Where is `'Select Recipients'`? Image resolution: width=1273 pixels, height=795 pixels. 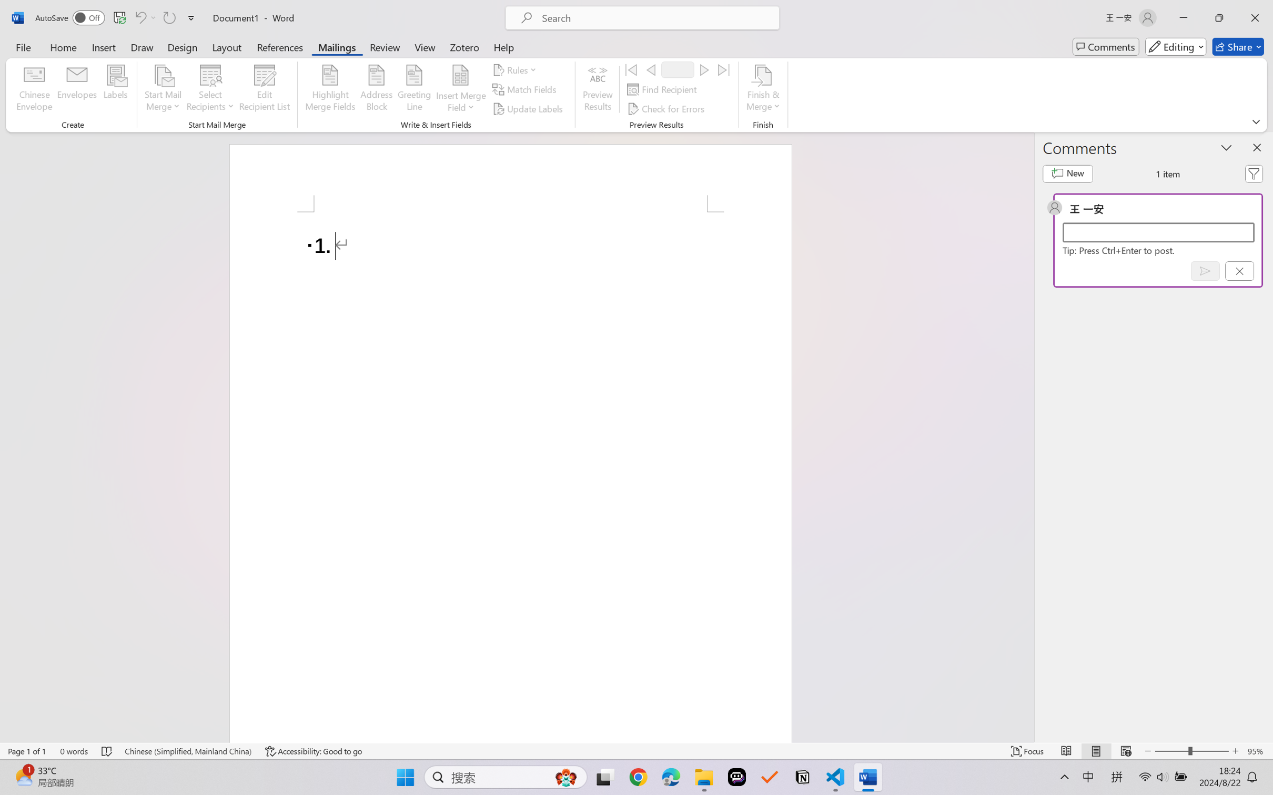 'Select Recipients' is located at coordinates (210, 89).